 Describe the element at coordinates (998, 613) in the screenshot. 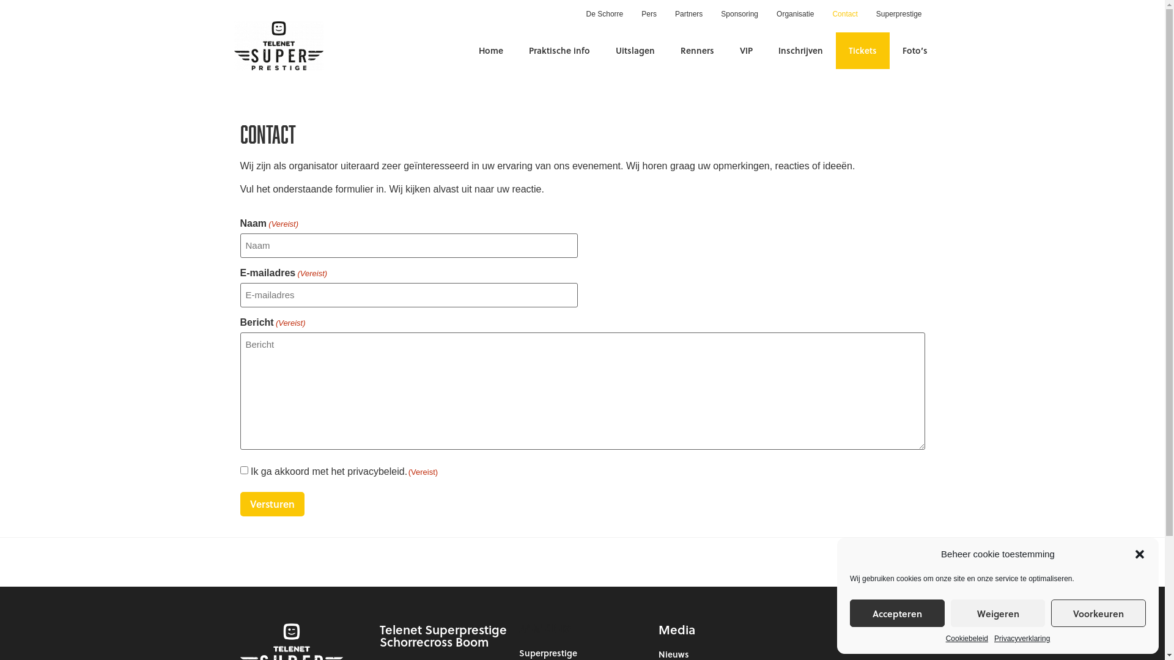

I see `'Weigeren'` at that location.